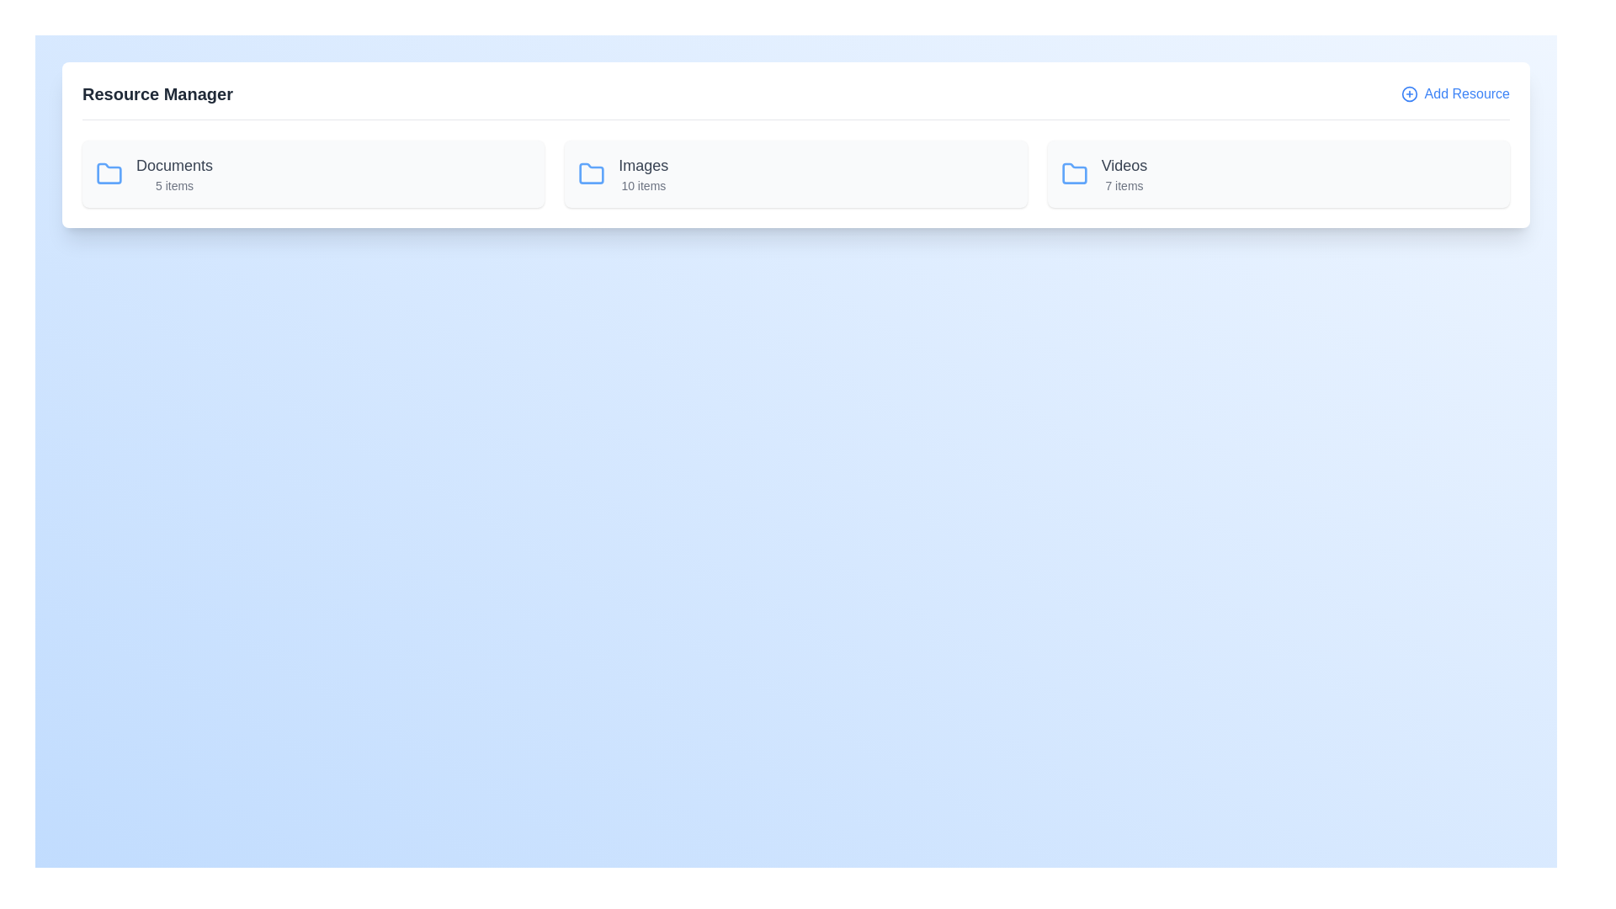 This screenshot has width=1616, height=909. I want to click on the 'Add Resource' text label located at the top right area of the interface, so click(1466, 93).